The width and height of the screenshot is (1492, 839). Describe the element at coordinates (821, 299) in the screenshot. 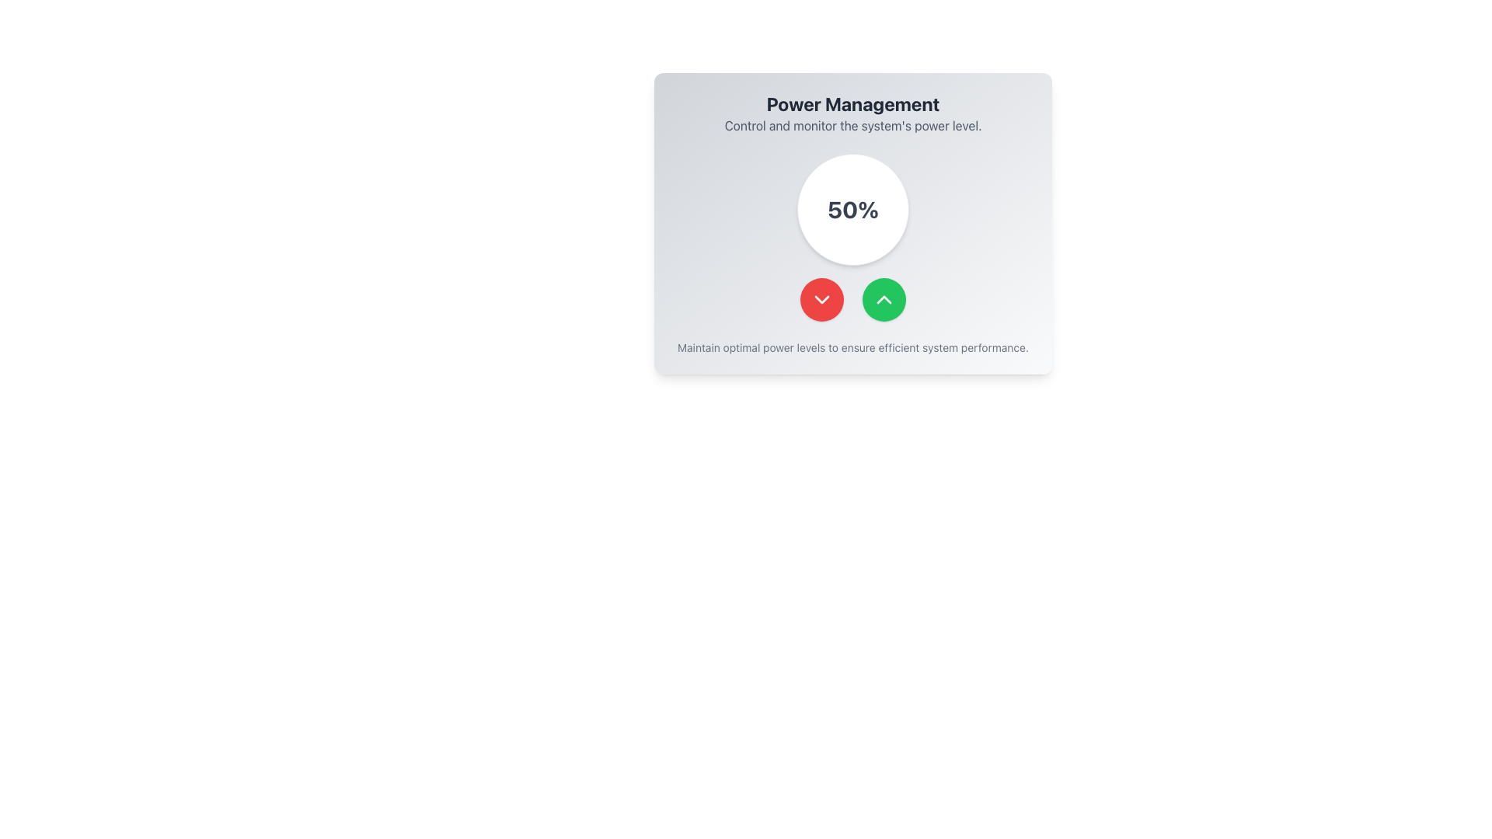

I see `the leftmost circular button with a red background and a white downward arrow icon` at that location.